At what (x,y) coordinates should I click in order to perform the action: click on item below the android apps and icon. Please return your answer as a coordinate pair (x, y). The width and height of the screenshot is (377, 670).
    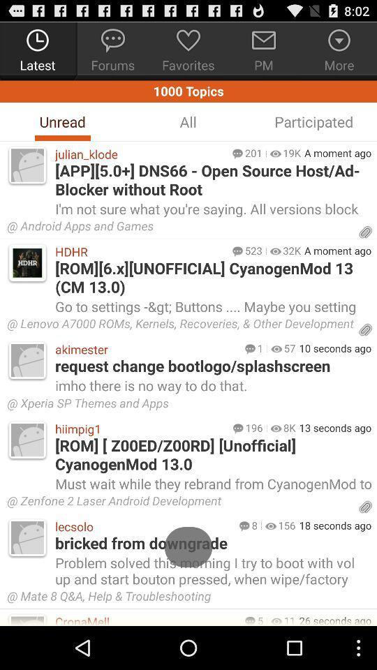
    Looking at the image, I should click on (291, 251).